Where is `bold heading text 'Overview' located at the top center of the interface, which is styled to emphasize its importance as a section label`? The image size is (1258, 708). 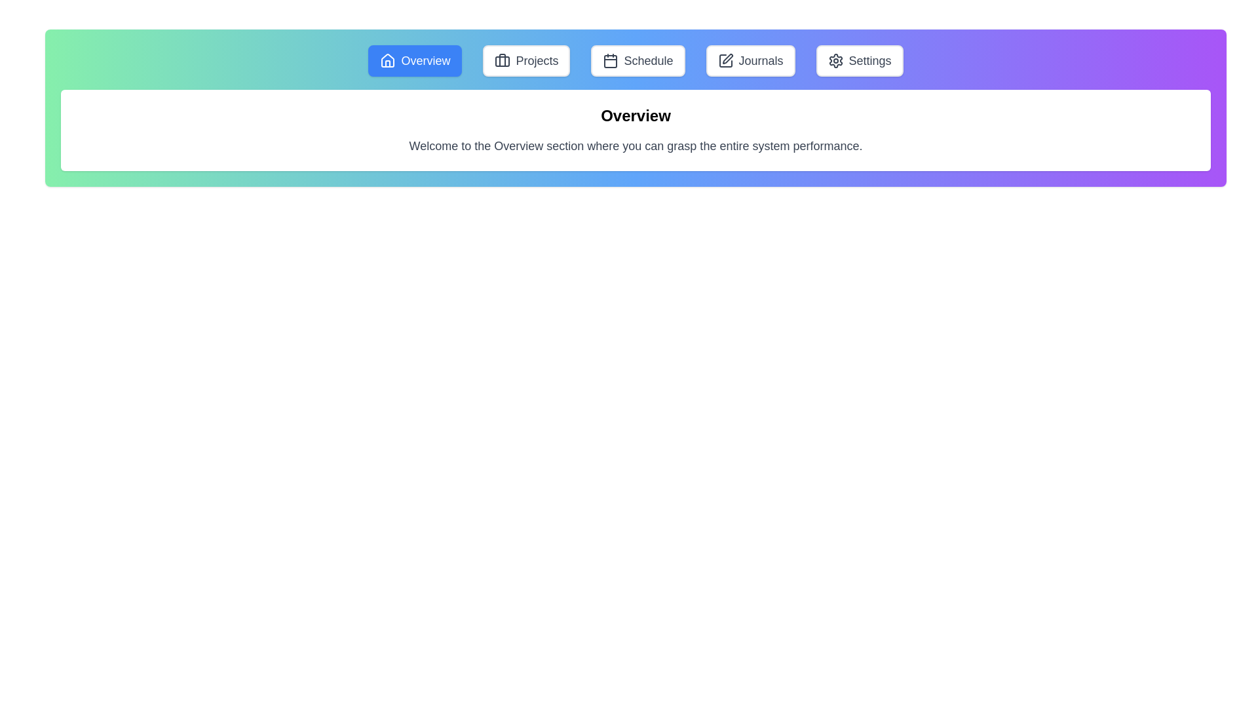
bold heading text 'Overview' located at the top center of the interface, which is styled to emphasize its importance as a section label is located at coordinates (636, 115).